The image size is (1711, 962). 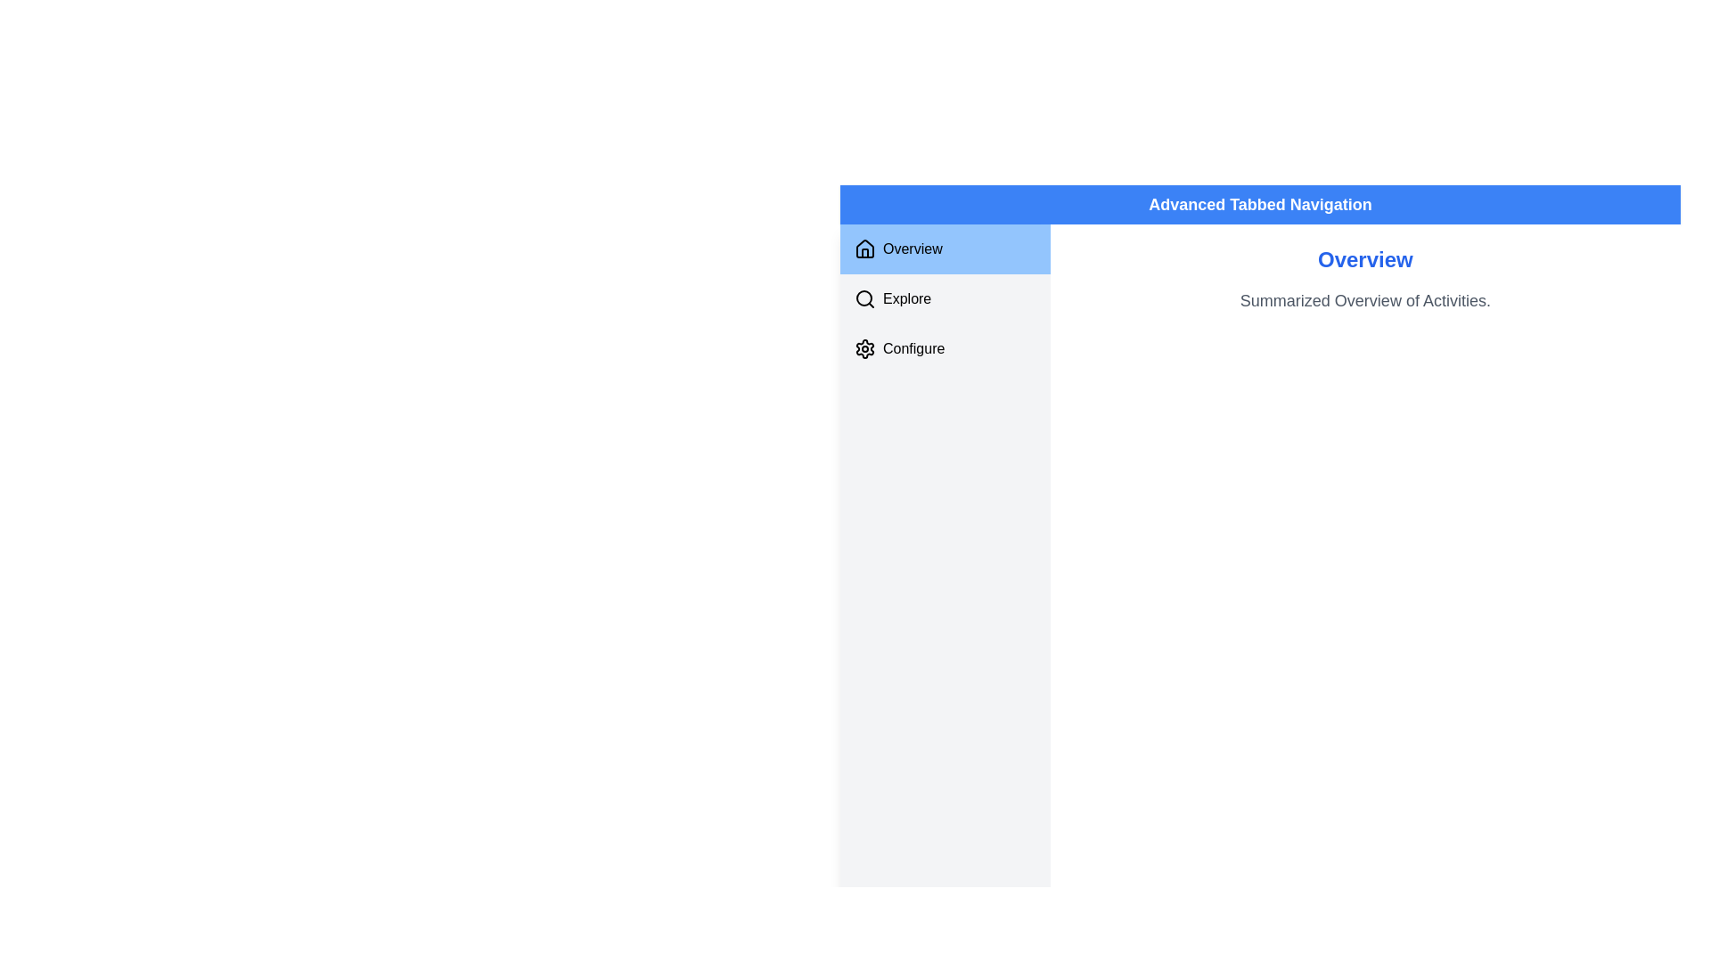 I want to click on the 'Overview' navigation button in the sidebar menu to possibly reveal a tooltip or emphasize interaction, so click(x=944, y=249).